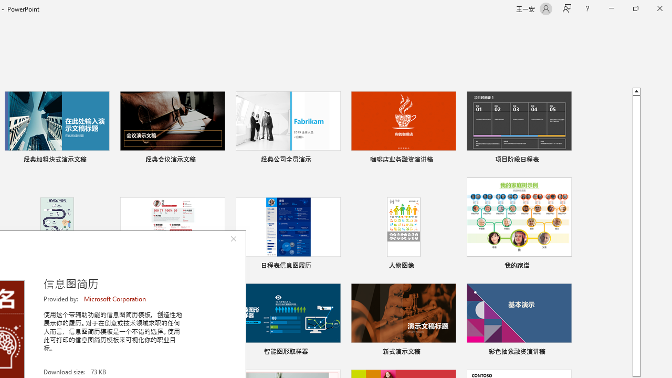 The width and height of the screenshot is (672, 378). Describe the element at coordinates (564, 353) in the screenshot. I see `'Pin to list'` at that location.